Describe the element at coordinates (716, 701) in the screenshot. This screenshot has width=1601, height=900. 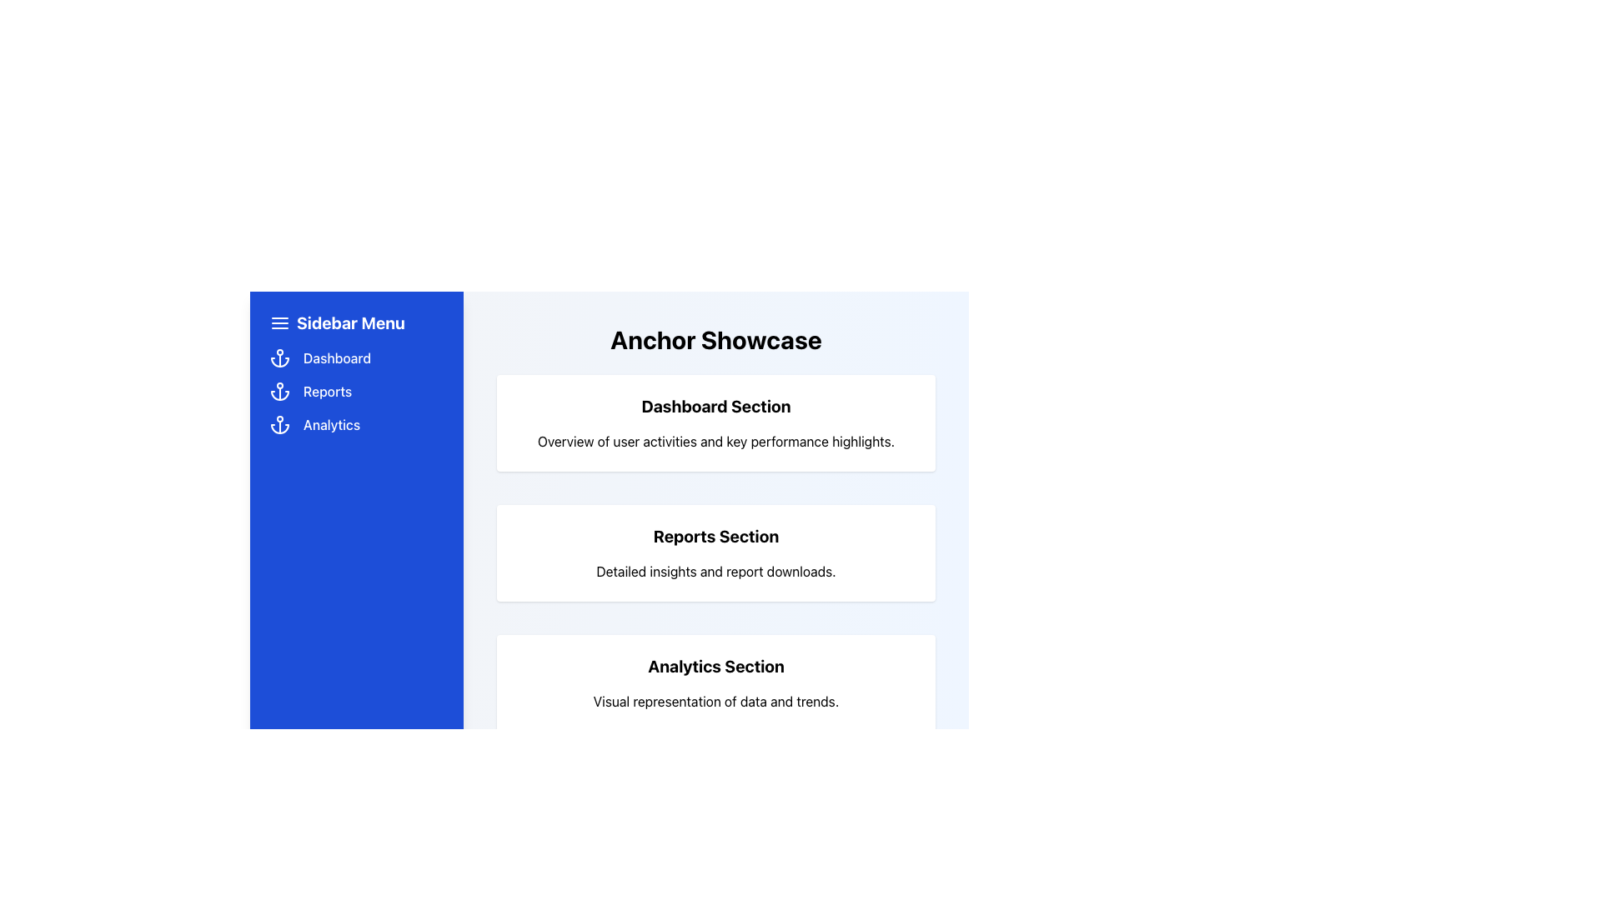
I see `the descriptive text label located below the 'Analytics Section' subheader` at that location.